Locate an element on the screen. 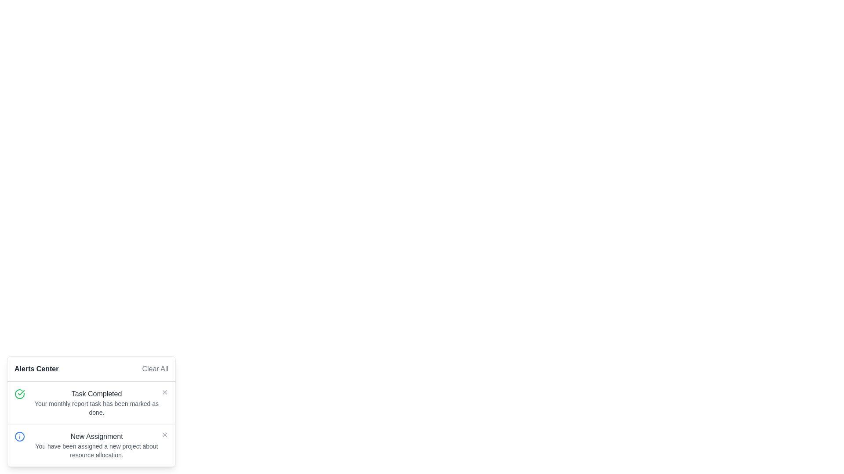 This screenshot has height=474, width=844. the Indicator Icon that signifies the completion of the task 'Your monthly report task has been marked as done', located on the left side of the task summary titled 'Task Completed' is located at coordinates (19, 394).